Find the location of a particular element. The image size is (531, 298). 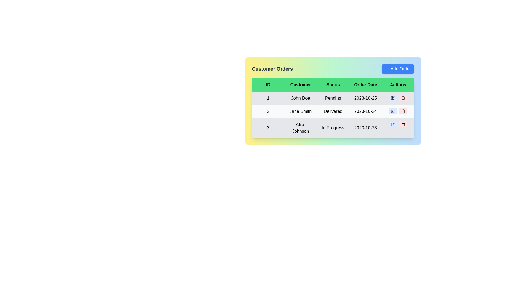

the static text displaying the date '2023-10-23' in the 'Order Date' column for 'Alice Johnson' in the 'Customer Orders' table is located at coordinates (365, 128).